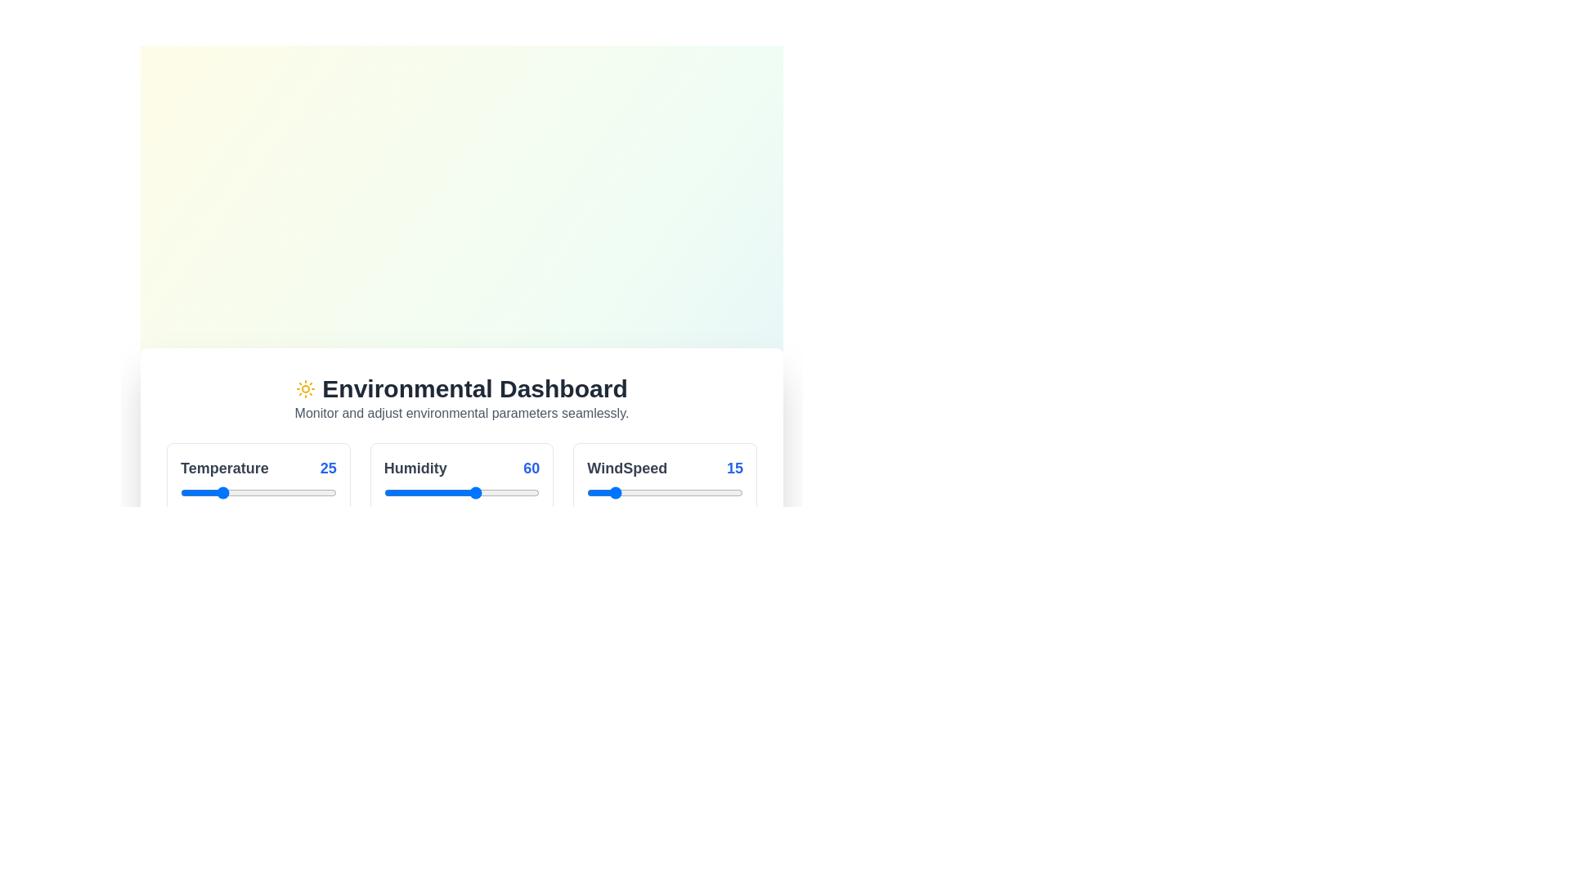 The height and width of the screenshot is (883, 1570). Describe the element at coordinates (277, 491) in the screenshot. I see `the temperature` at that location.